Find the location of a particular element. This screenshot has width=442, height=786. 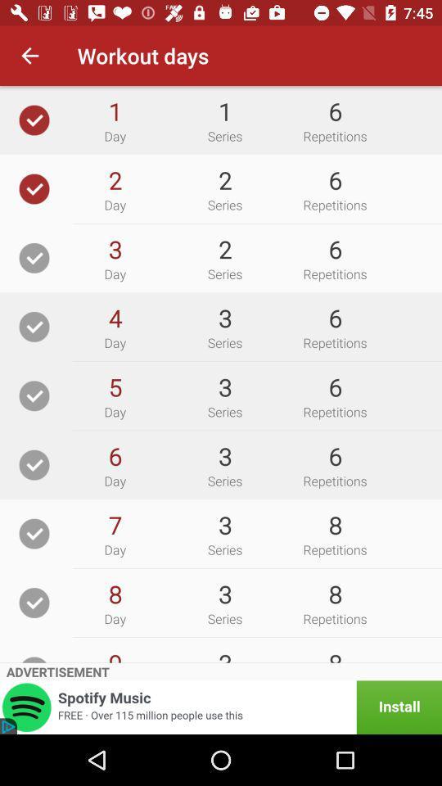

item above day icon is located at coordinates (114, 387).